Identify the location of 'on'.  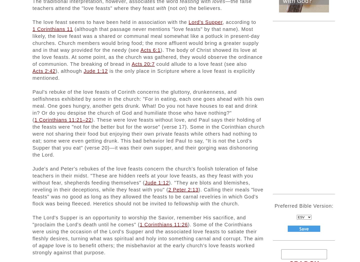
(179, 8).